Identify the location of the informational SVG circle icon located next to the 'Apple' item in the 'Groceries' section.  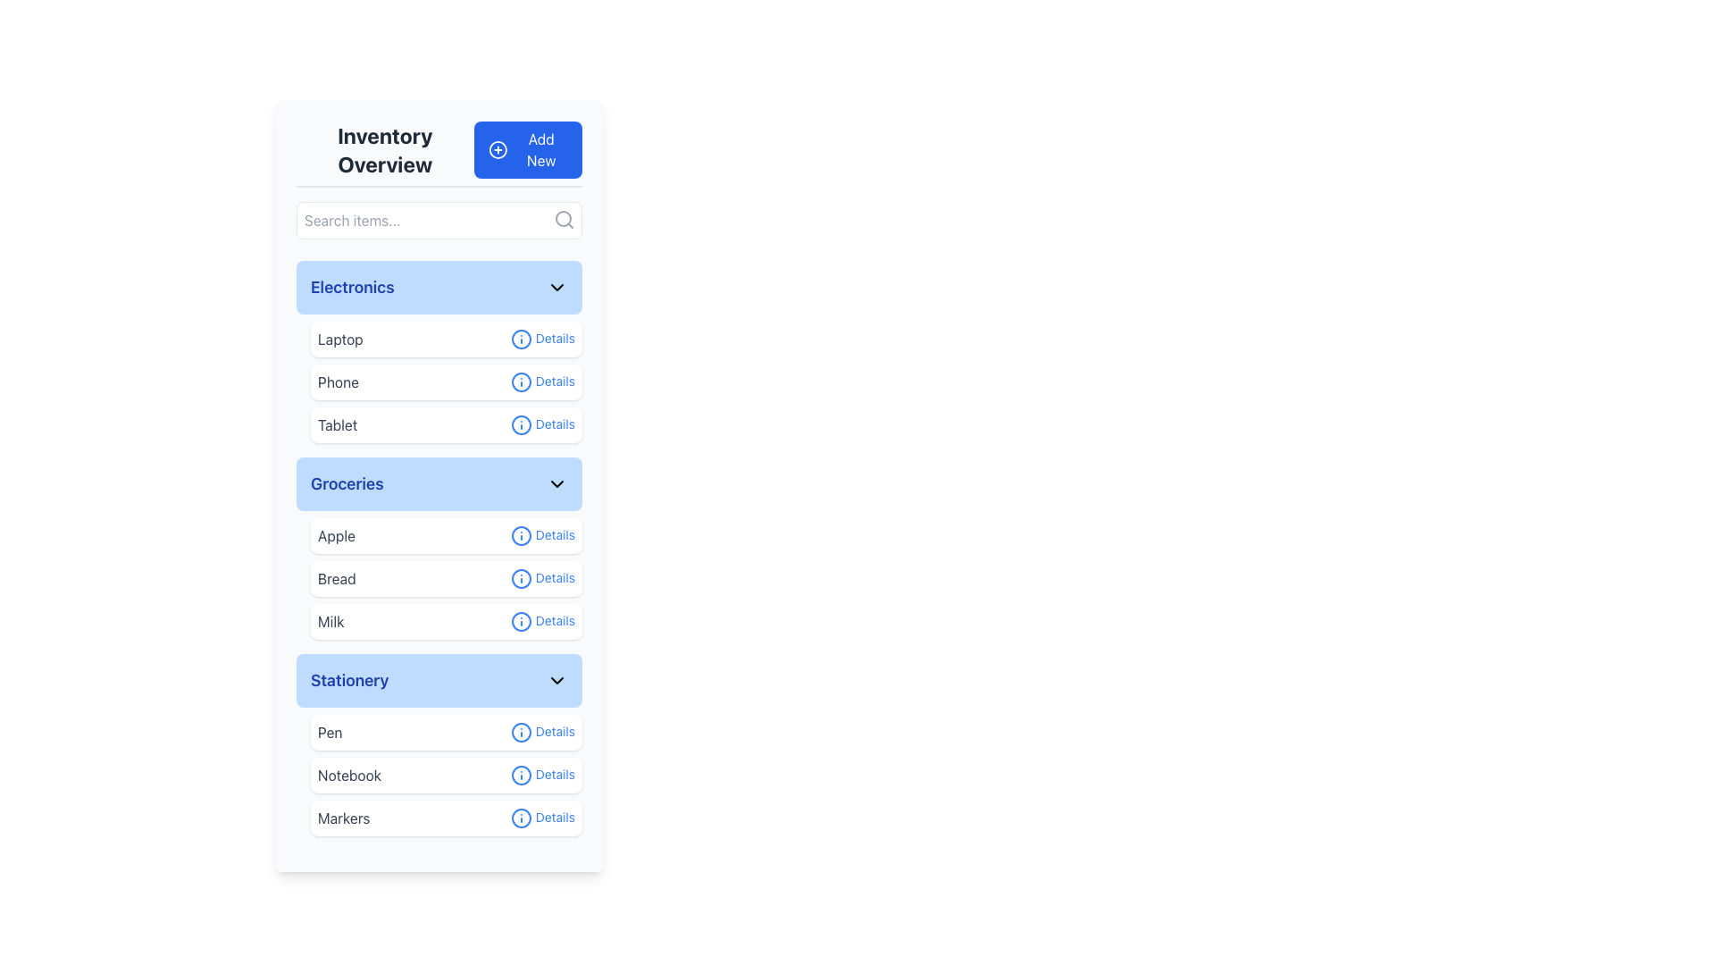
(520, 535).